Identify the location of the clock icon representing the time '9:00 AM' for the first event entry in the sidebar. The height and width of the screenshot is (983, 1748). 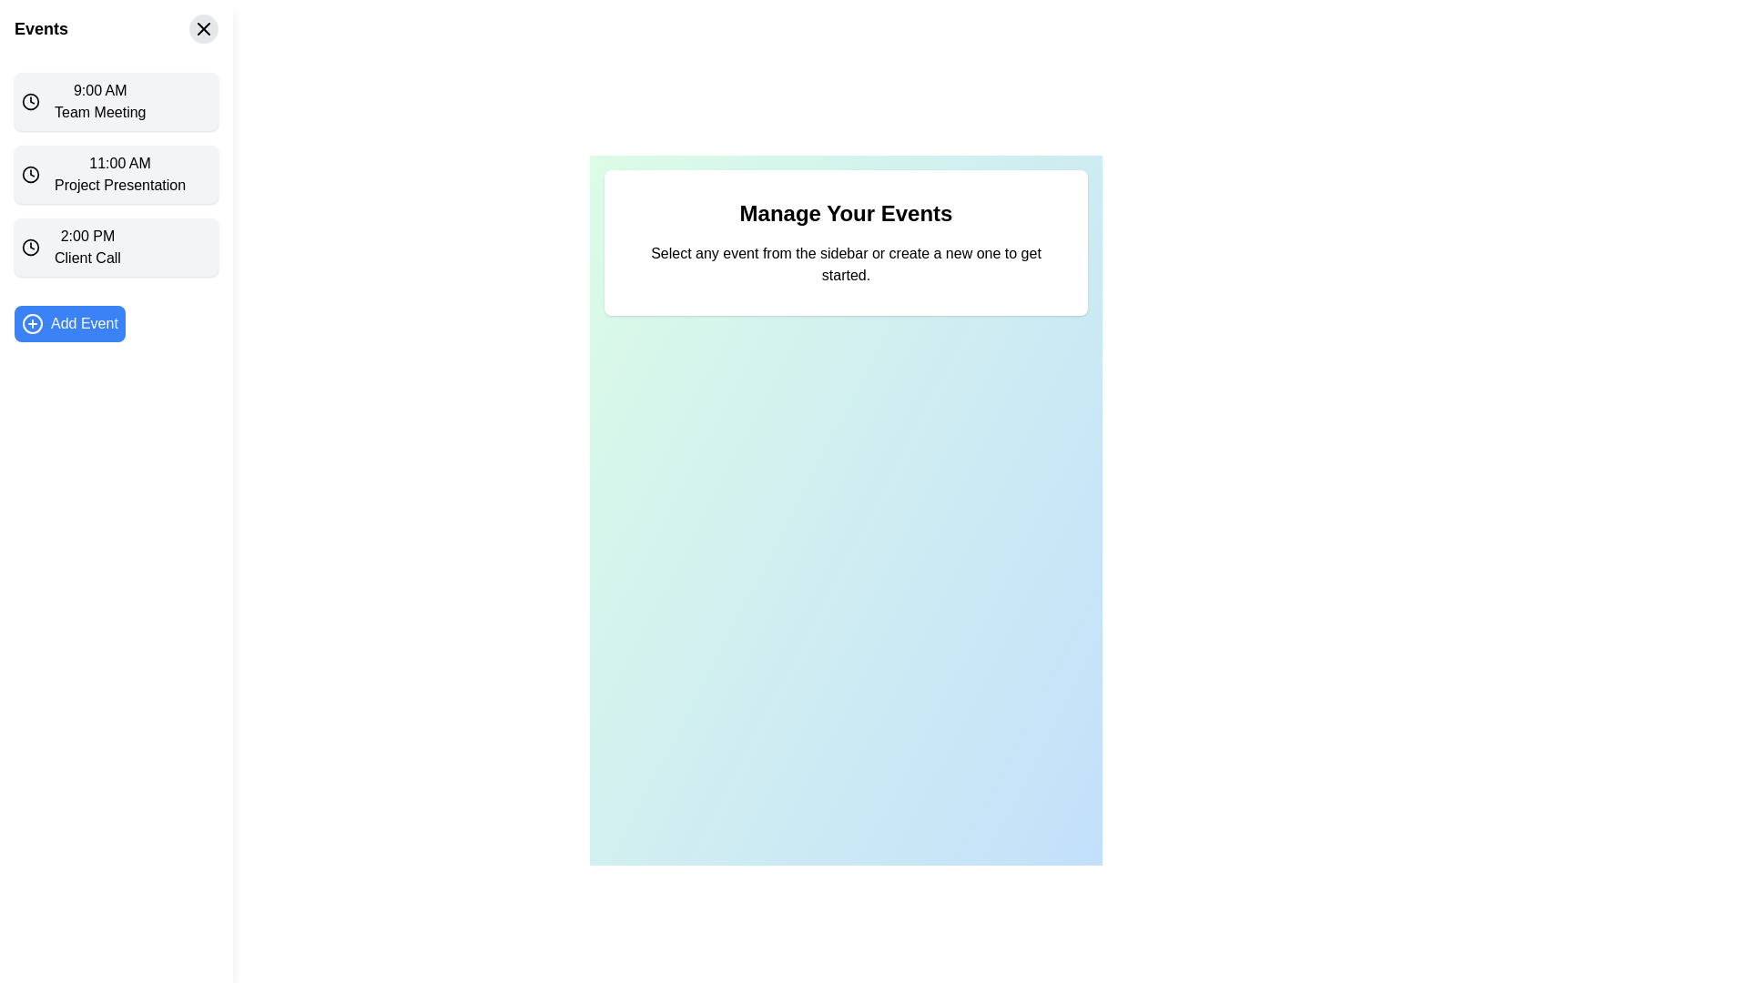
(30, 101).